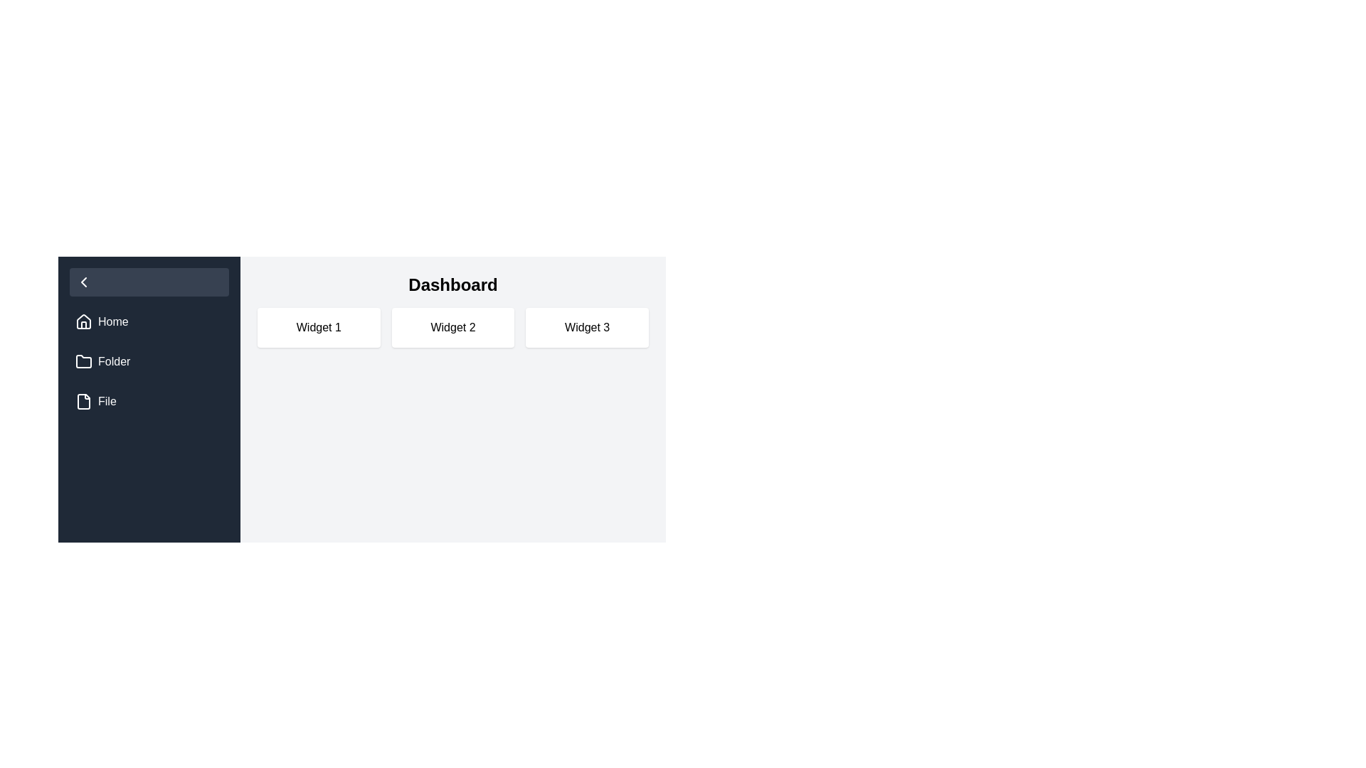 The height and width of the screenshot is (768, 1366). Describe the element at coordinates (149, 321) in the screenshot. I see `the 'Home' navigation link` at that location.